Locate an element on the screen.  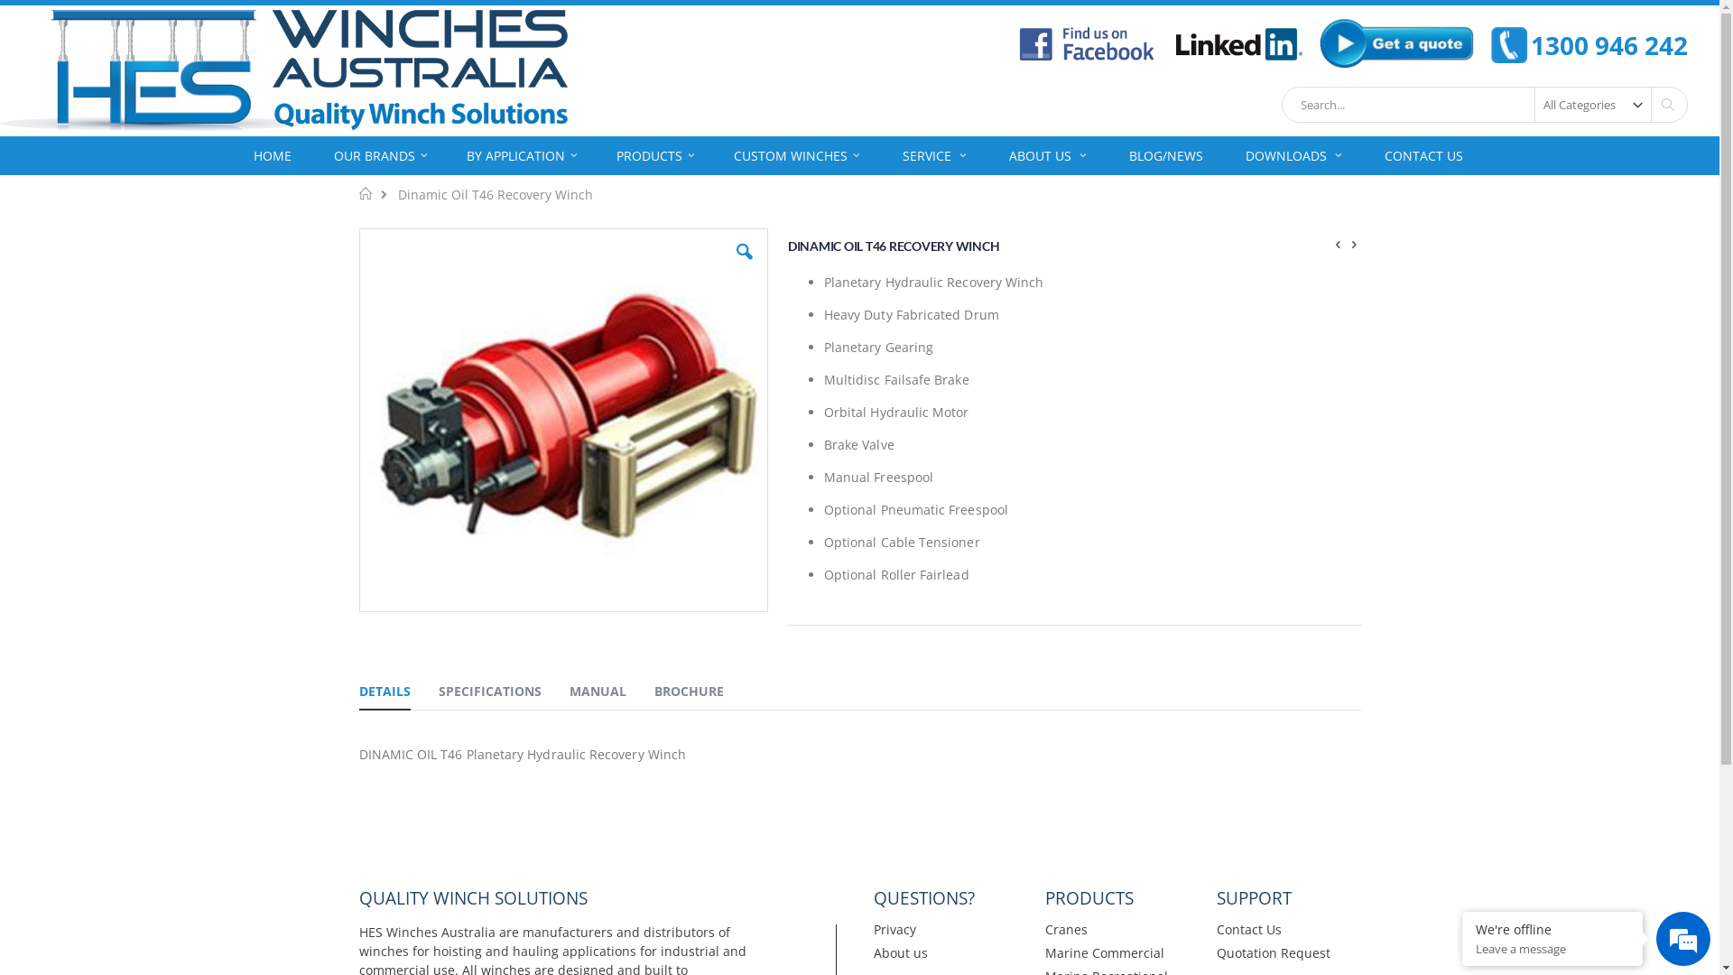
'Next Product' is located at coordinates (1355, 242).